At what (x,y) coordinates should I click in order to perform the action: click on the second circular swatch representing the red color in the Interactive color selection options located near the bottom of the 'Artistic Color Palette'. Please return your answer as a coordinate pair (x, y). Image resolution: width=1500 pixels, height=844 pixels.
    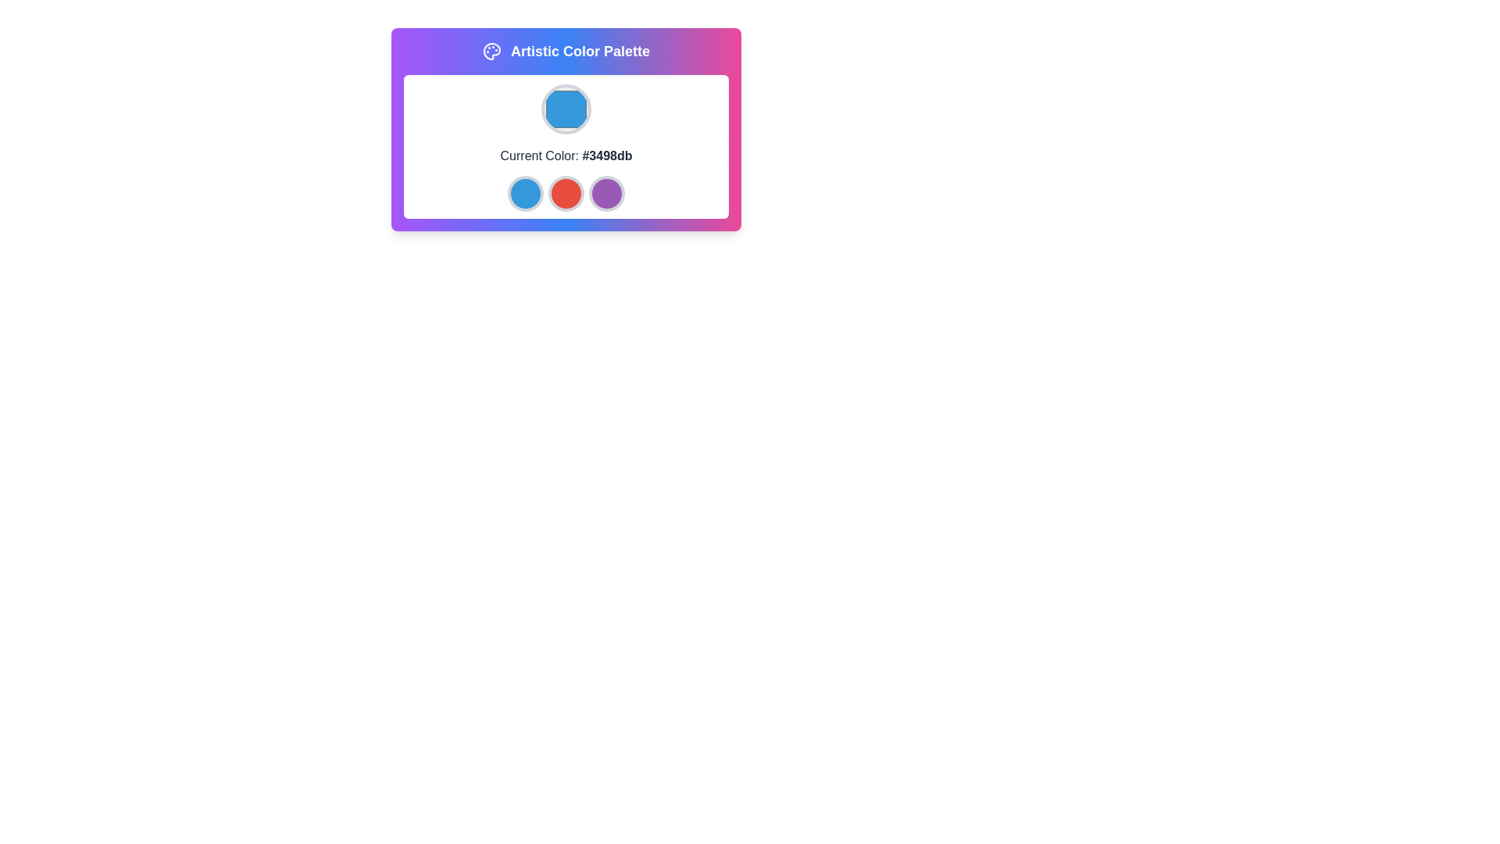
    Looking at the image, I should click on (565, 192).